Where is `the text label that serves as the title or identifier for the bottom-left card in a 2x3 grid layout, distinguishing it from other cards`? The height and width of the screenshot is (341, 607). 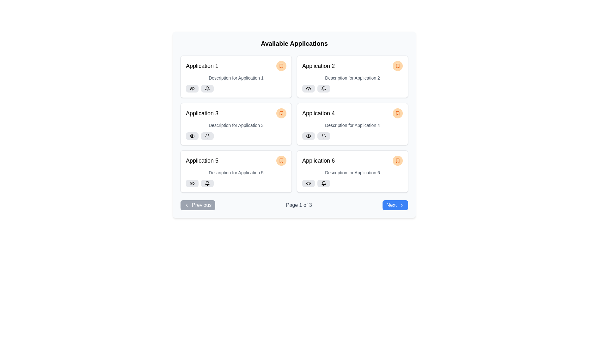
the text label that serves as the title or identifier for the bottom-left card in a 2x3 grid layout, distinguishing it from other cards is located at coordinates (202, 160).